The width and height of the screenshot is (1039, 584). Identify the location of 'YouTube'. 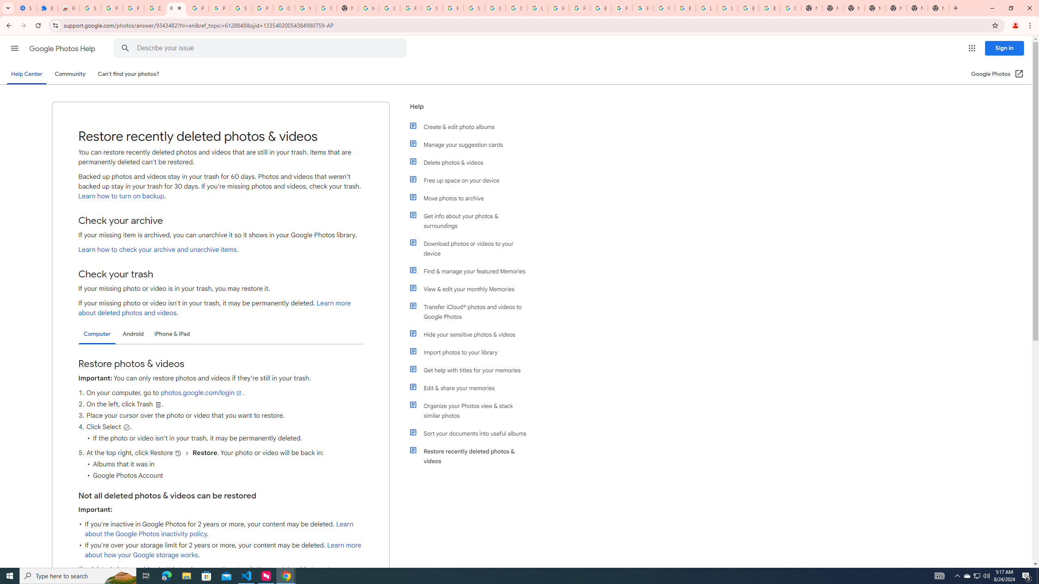
(663, 8).